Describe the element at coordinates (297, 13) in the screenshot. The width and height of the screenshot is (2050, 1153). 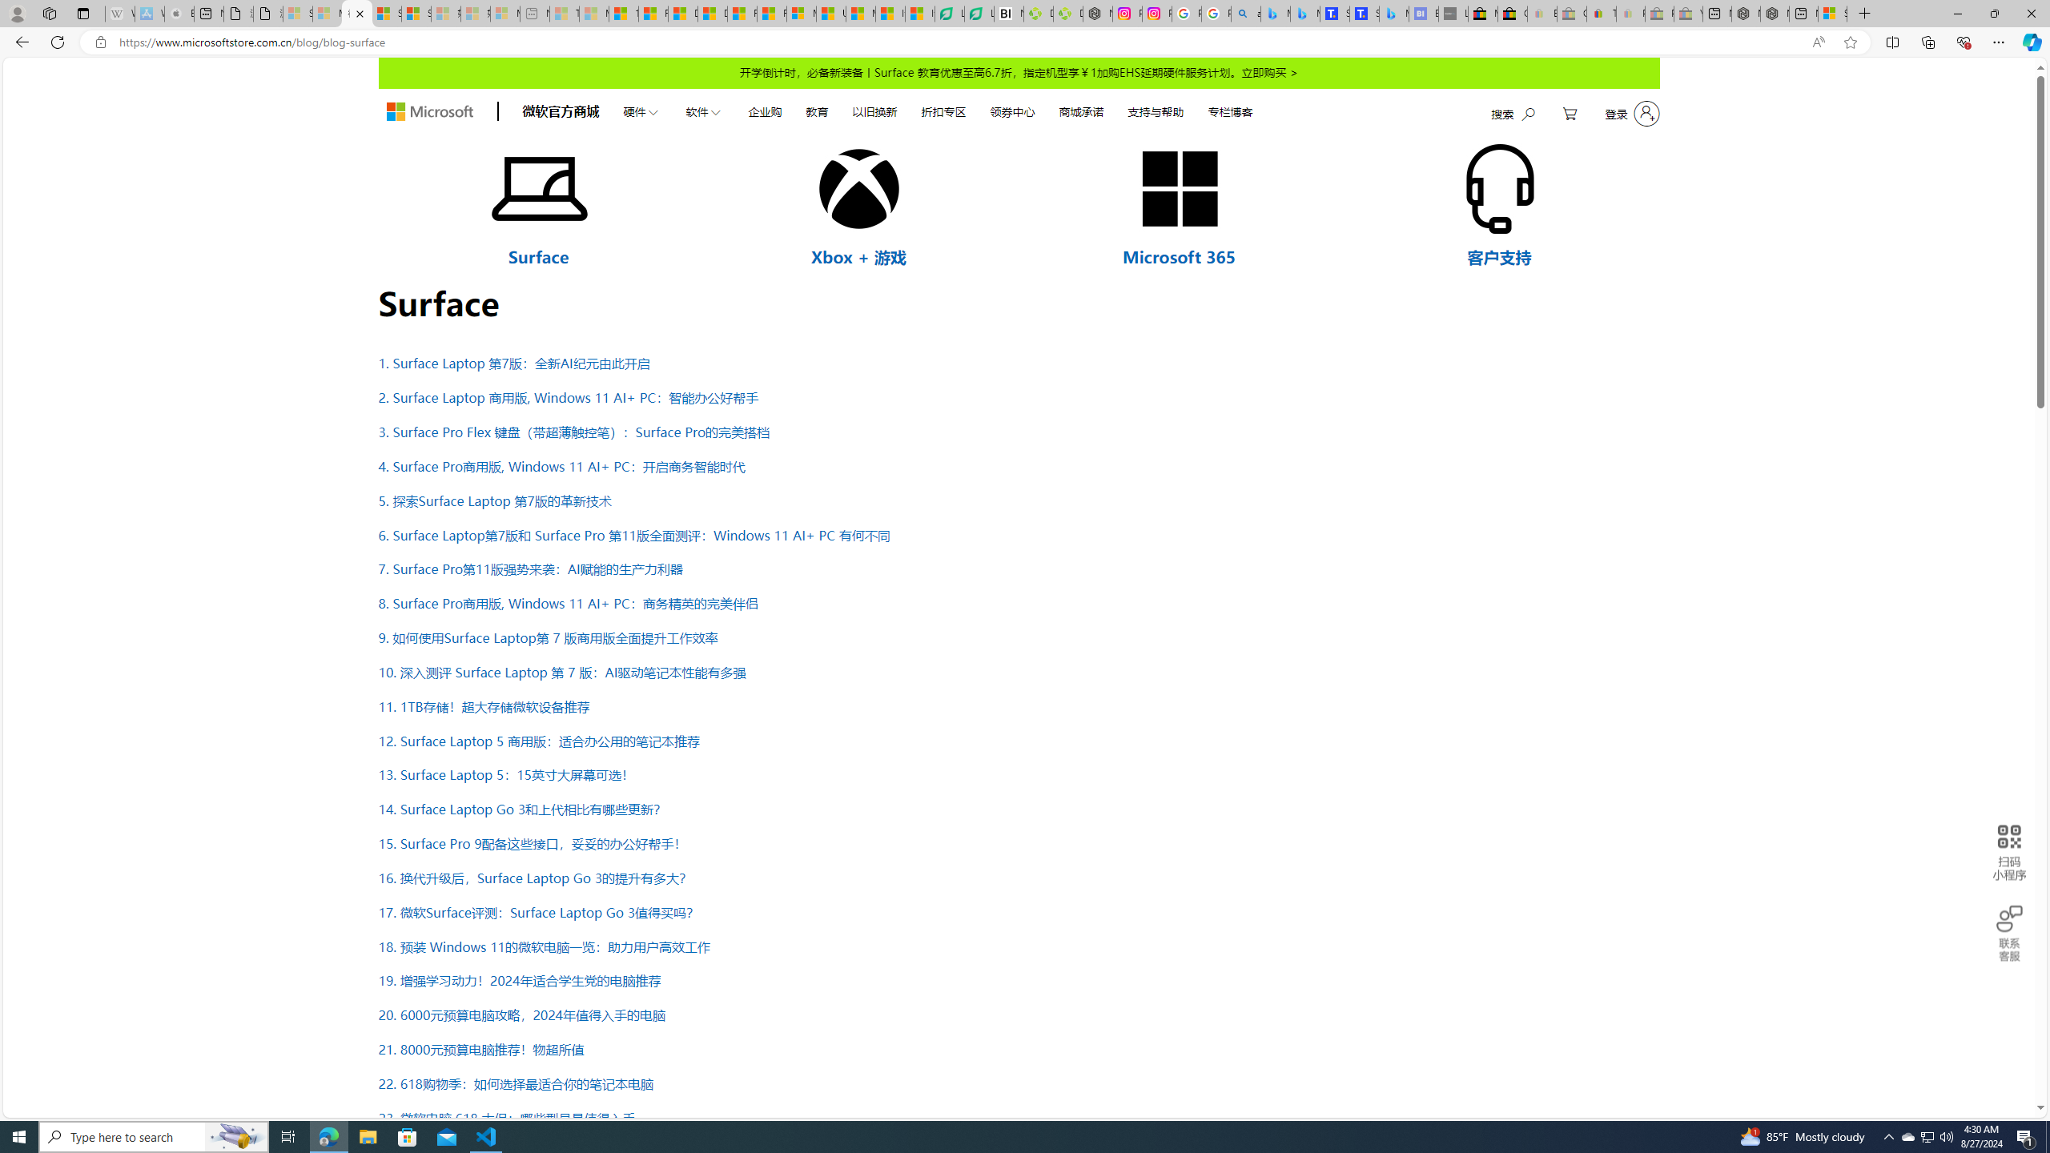
I see `'Sign in to your Microsoft account - Sleeping'` at that location.